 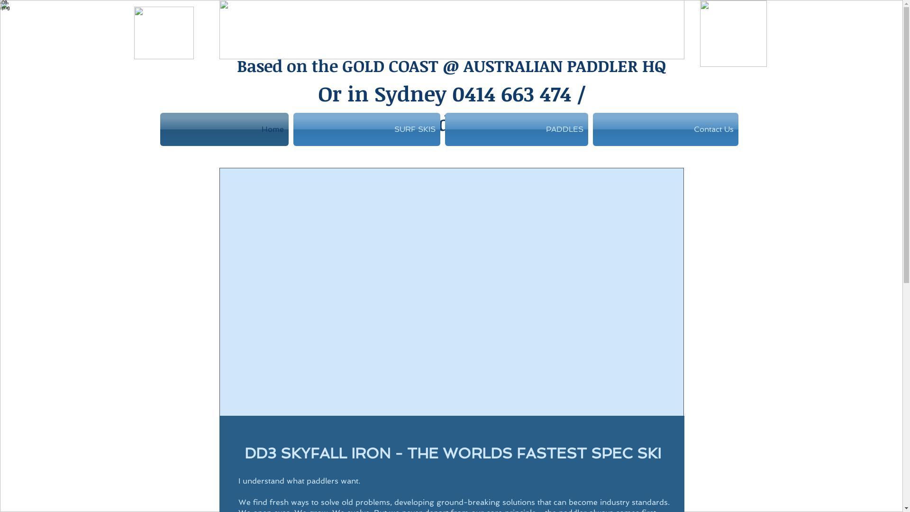 I want to click on 'Contact Us', so click(x=664, y=129).